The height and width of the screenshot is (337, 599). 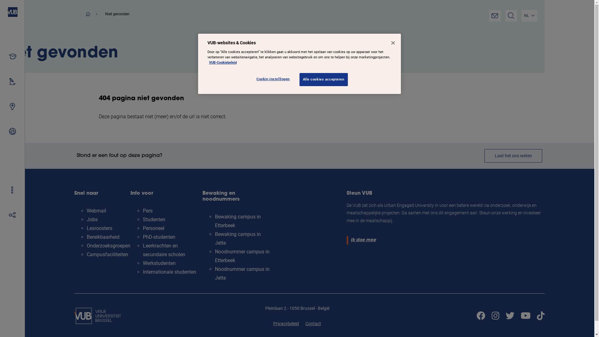 What do you see at coordinates (540, 316) in the screenshot?
I see `'Open de tiktok pagina van VUB'` at bounding box center [540, 316].